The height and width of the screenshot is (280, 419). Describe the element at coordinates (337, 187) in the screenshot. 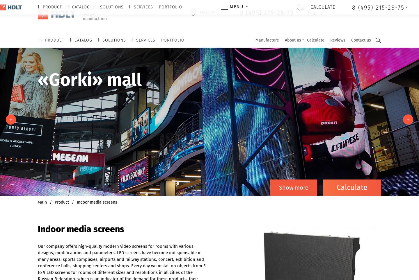

I see `'Сalculate'` at that location.